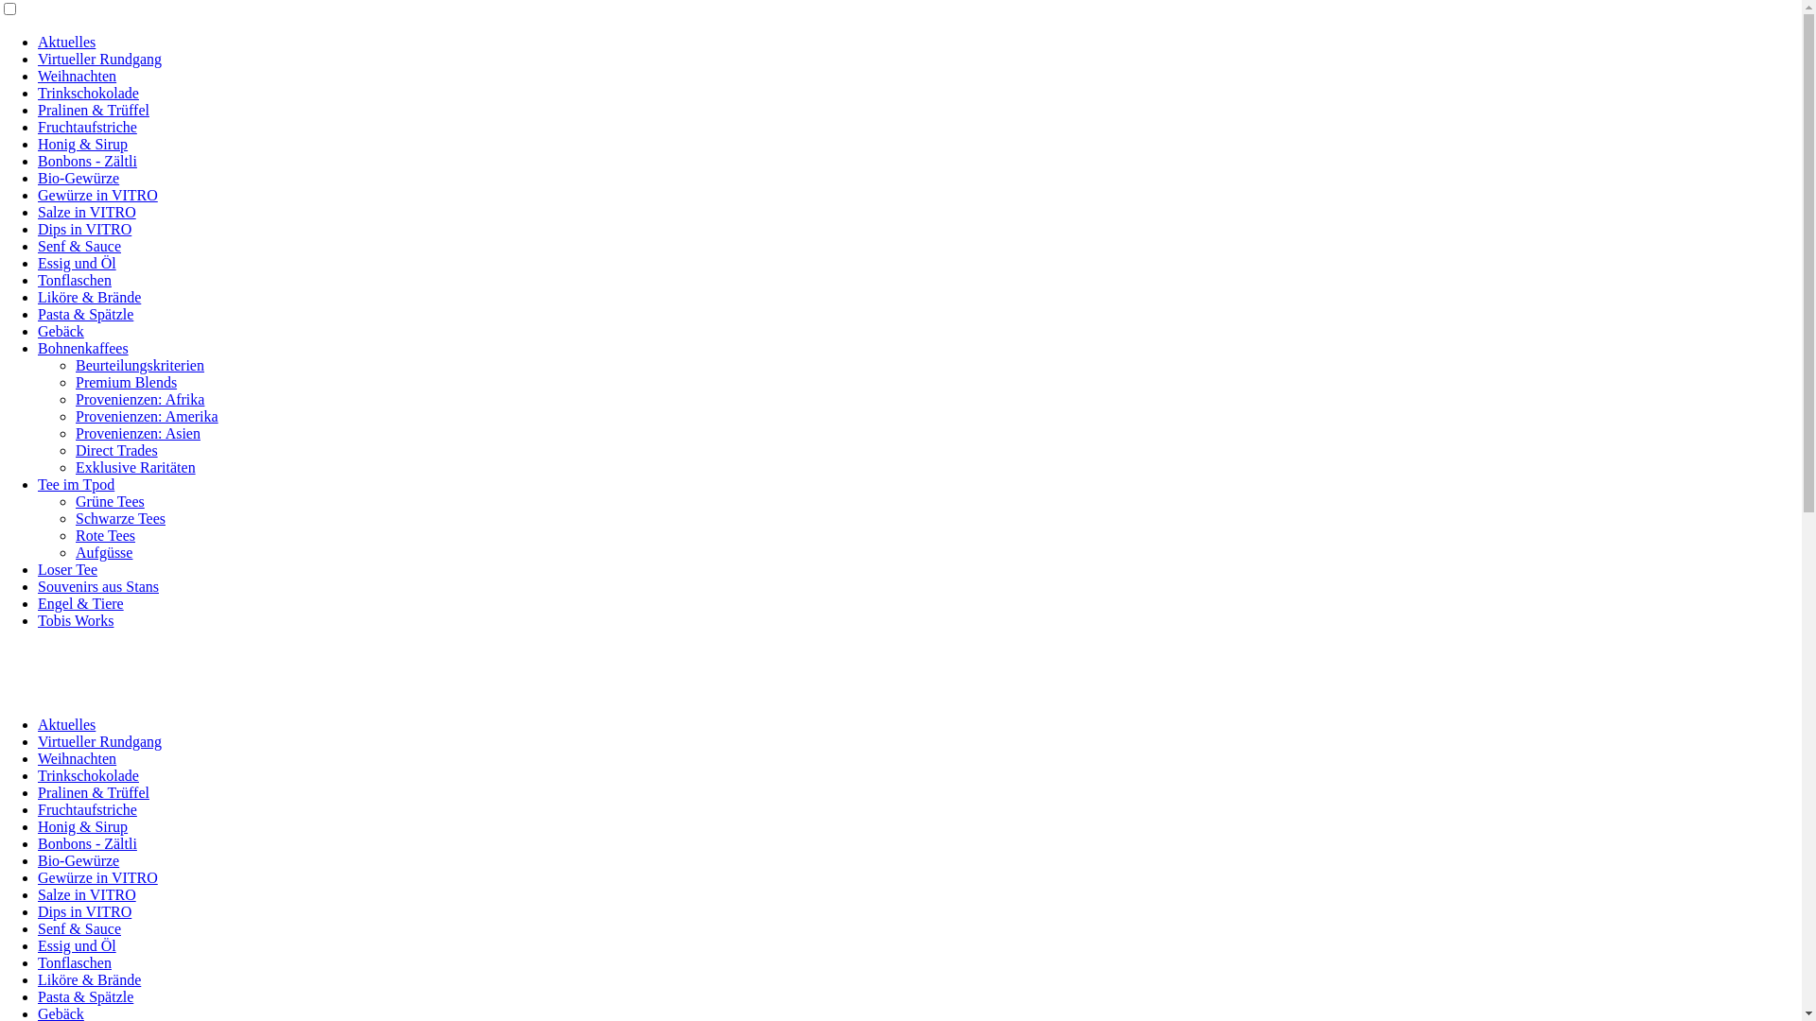 Image resolution: width=1816 pixels, height=1021 pixels. What do you see at coordinates (115, 450) in the screenshot?
I see `'Direct Trades'` at bounding box center [115, 450].